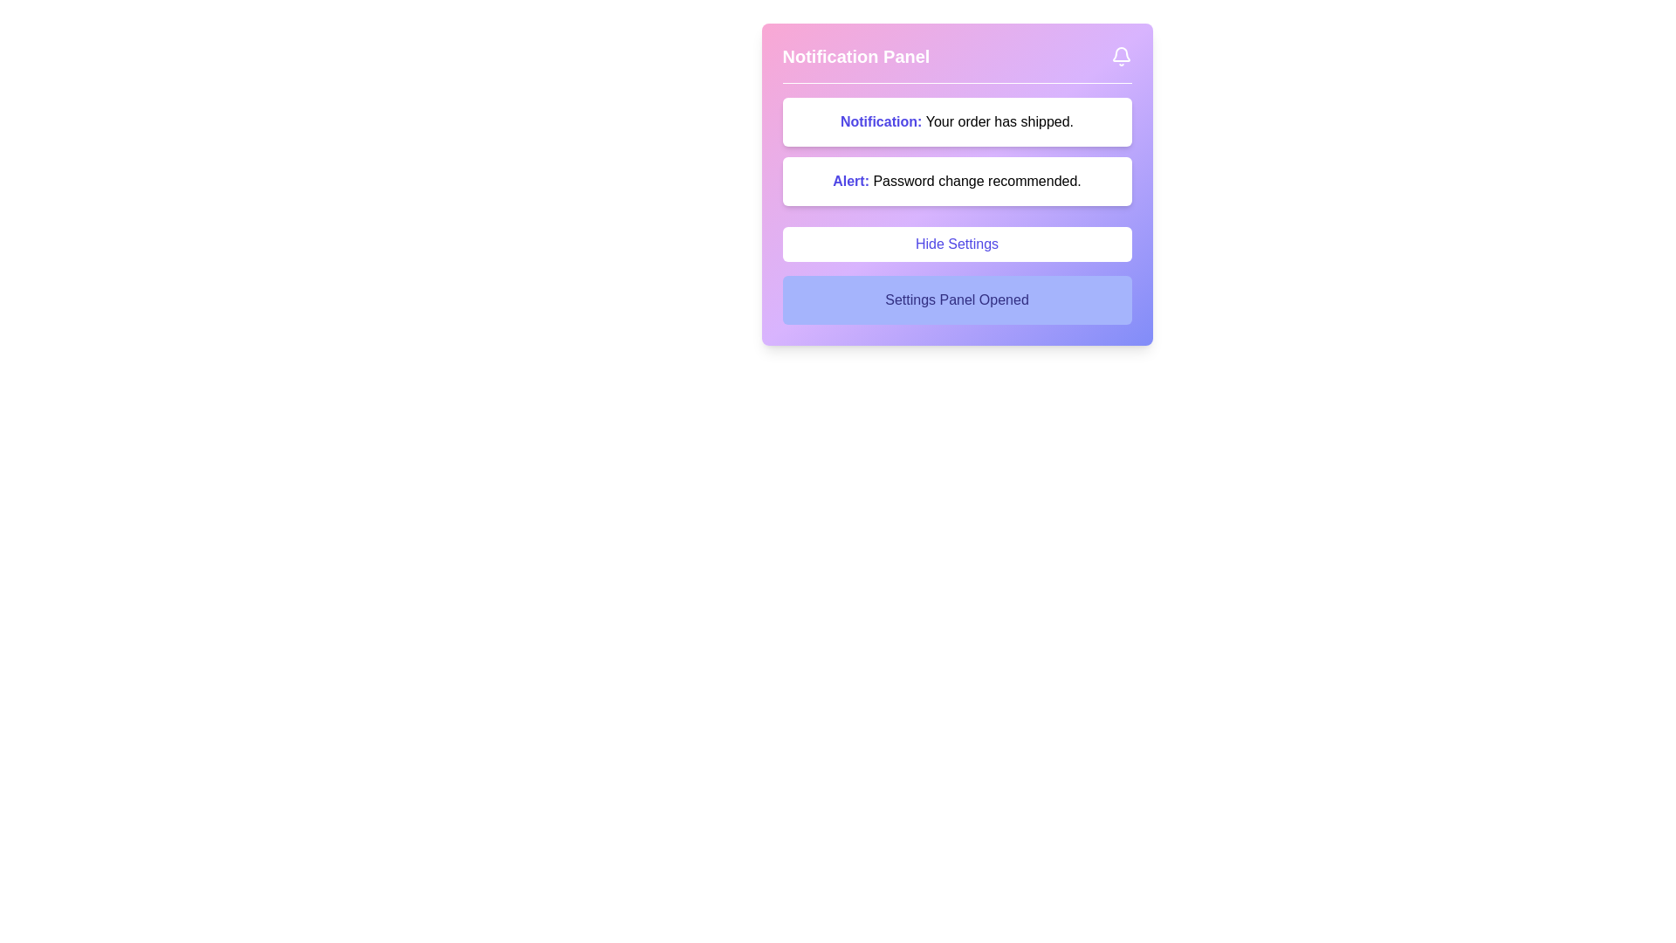 The width and height of the screenshot is (1676, 943). I want to click on the text label displaying 'Alert:' in bold indigo color, which is part of the notification message in the second notification box, so click(853, 181).